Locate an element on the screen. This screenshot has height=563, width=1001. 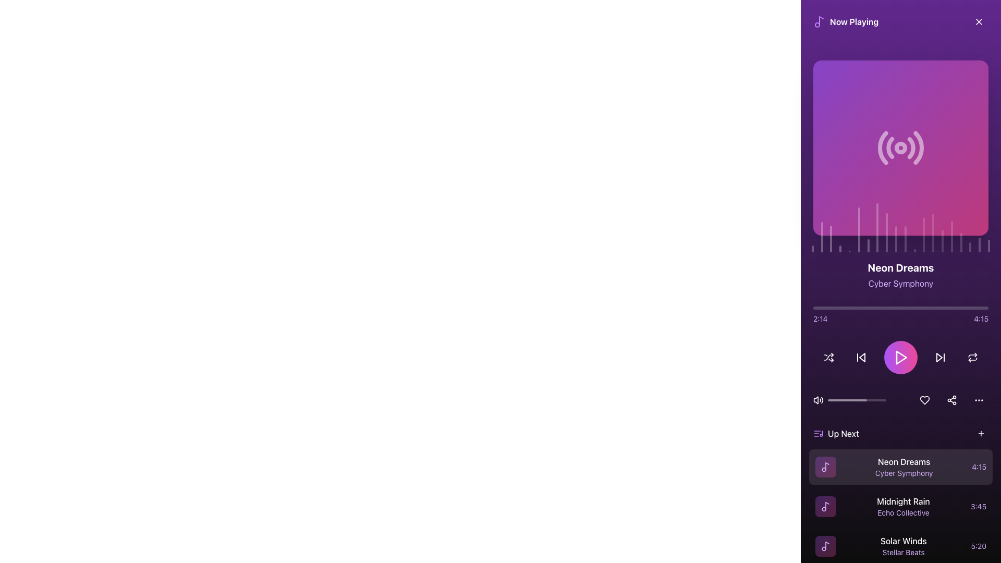
the 'Now Playing' label, which is a bold text label with white color on a purple background, positioned near the upper-left corner of the media panel and aligned with a musical note icon is located at coordinates (854, 22).